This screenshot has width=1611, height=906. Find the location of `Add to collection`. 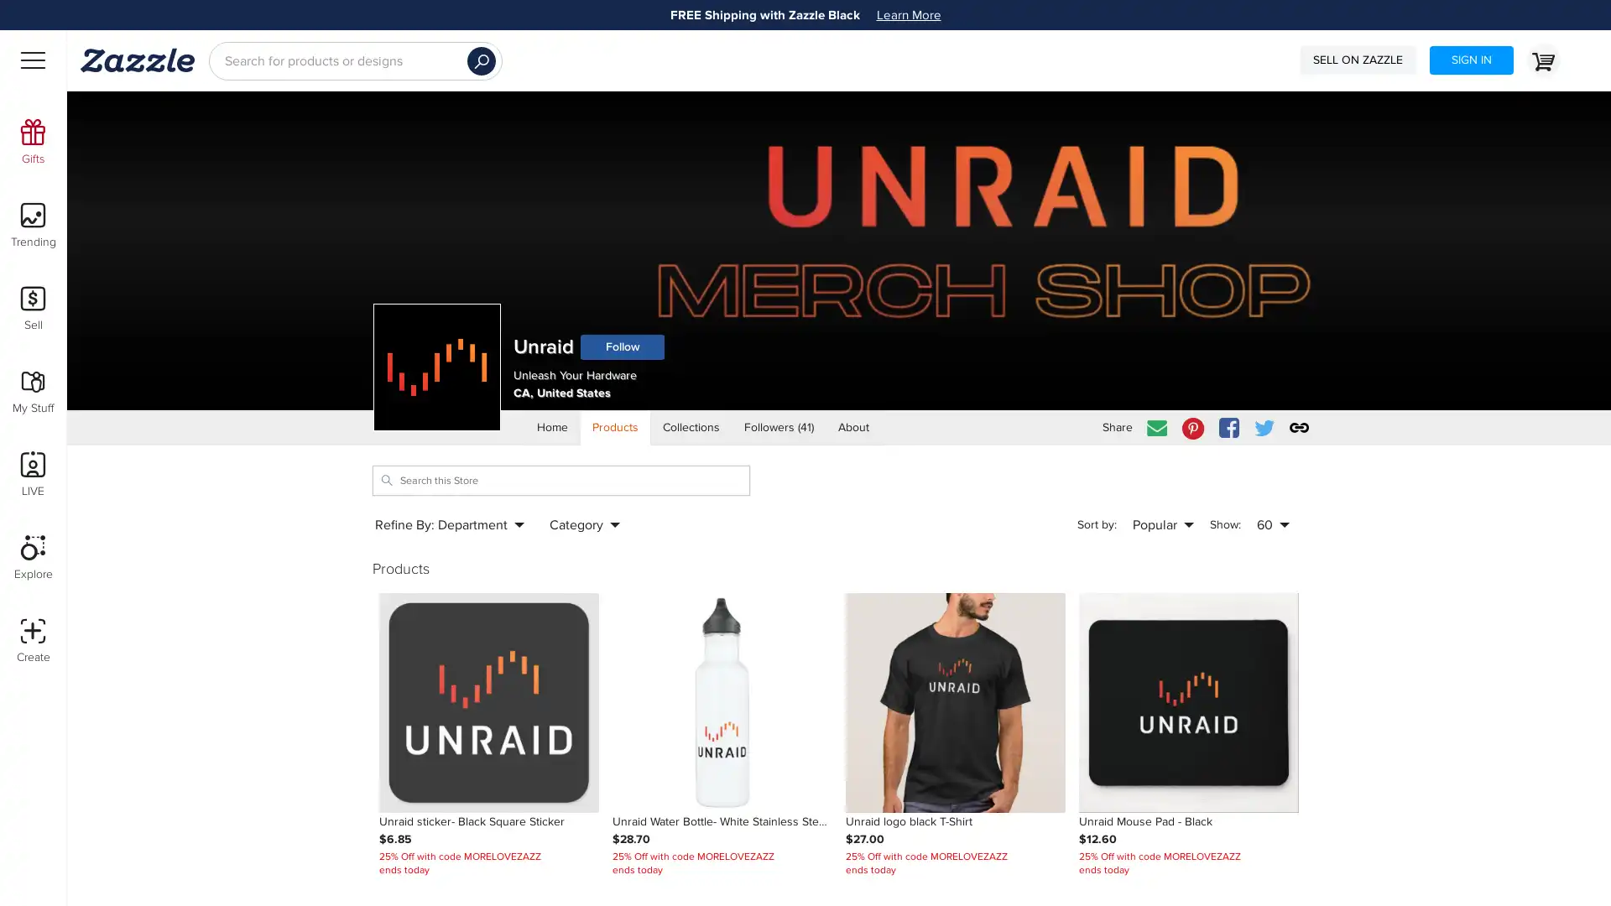

Add to collection is located at coordinates (795, 608).